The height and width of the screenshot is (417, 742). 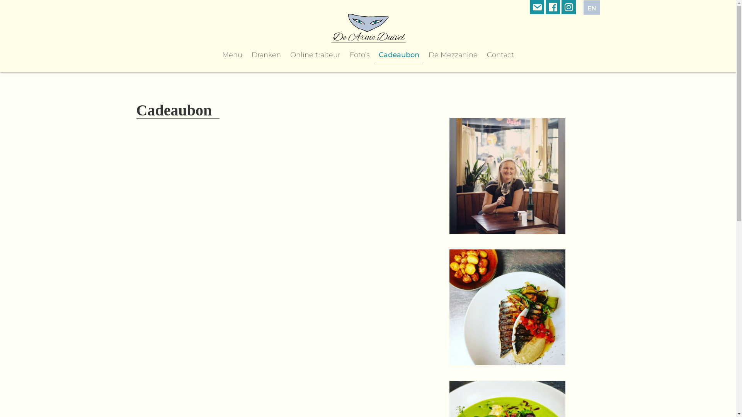 I want to click on 'EN', so click(x=591, y=7).